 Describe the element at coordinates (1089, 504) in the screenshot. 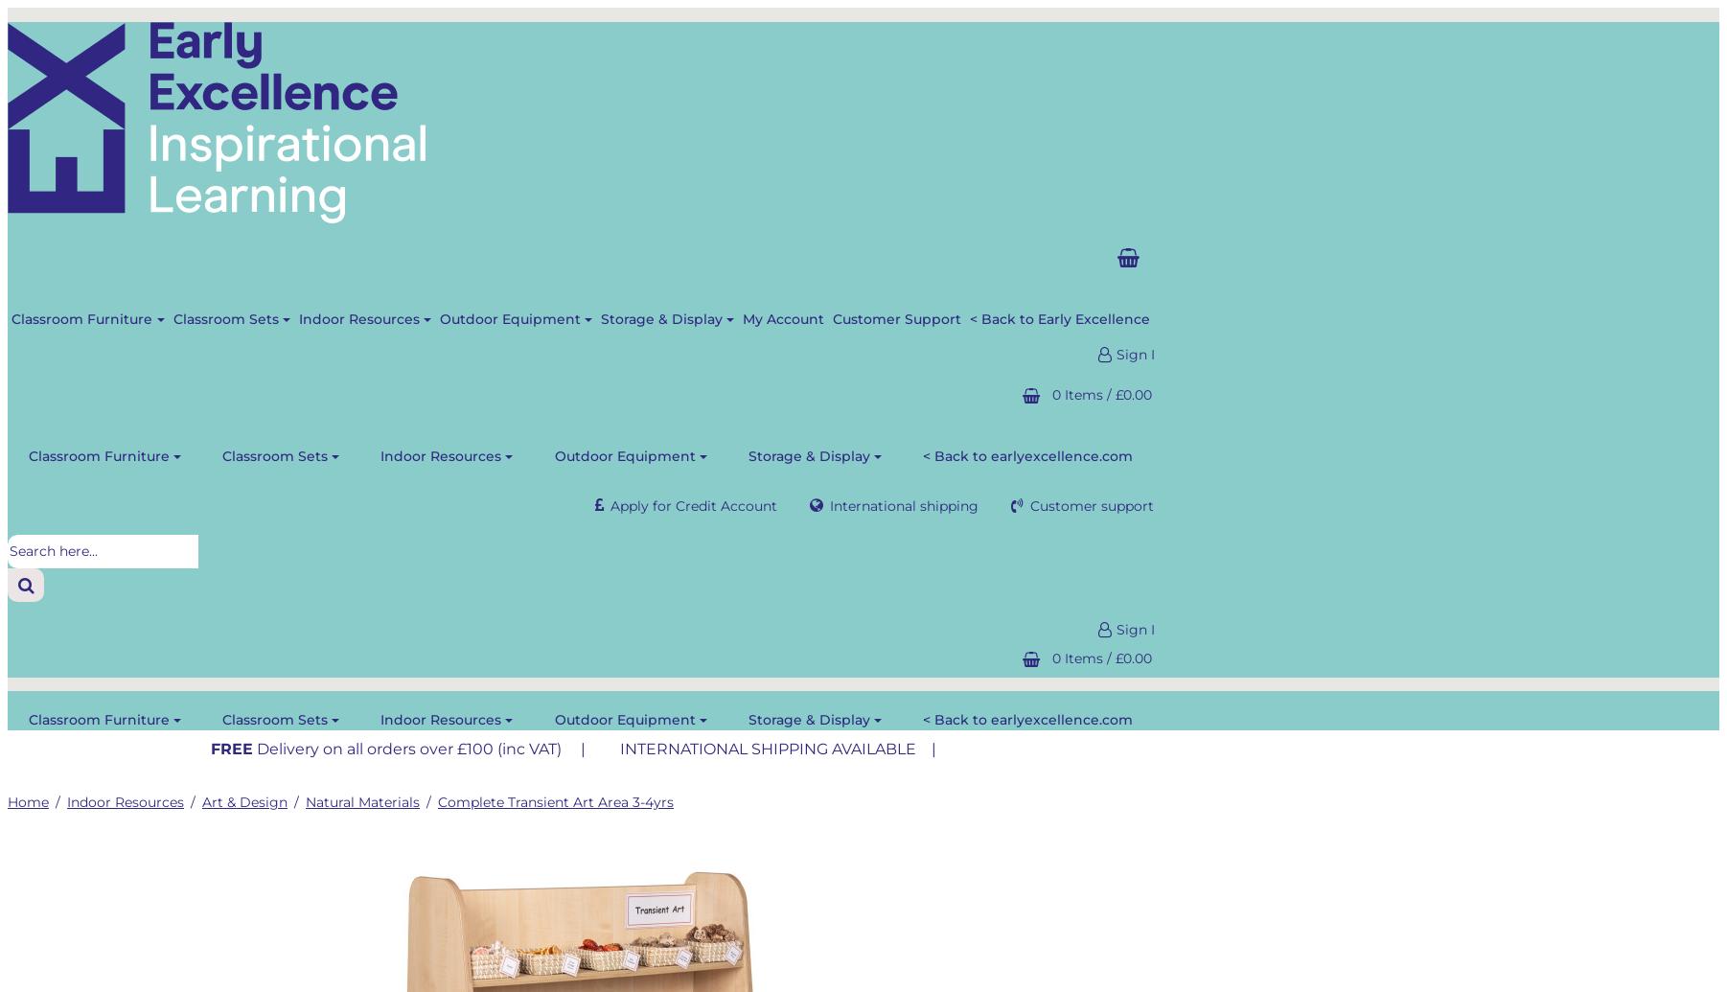

I see `'Customer support'` at that location.